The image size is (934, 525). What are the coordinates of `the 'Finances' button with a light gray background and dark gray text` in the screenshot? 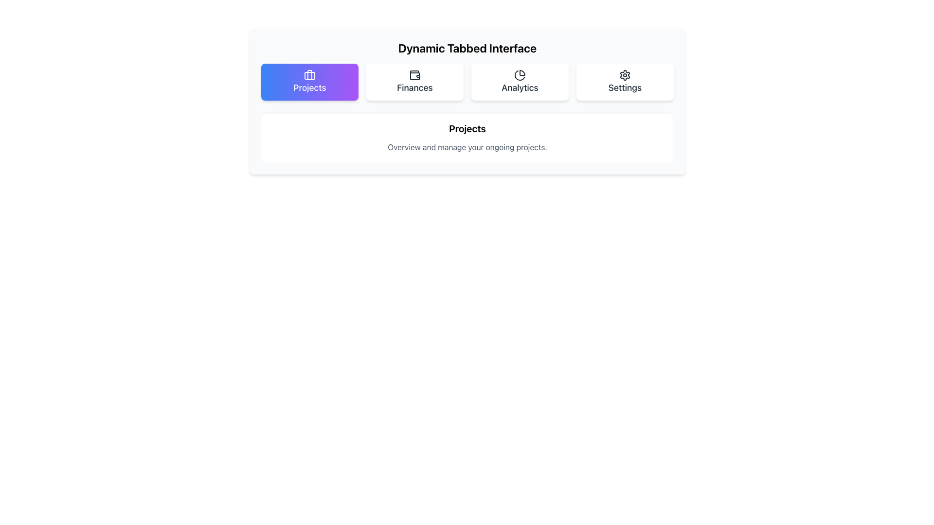 It's located at (415, 82).